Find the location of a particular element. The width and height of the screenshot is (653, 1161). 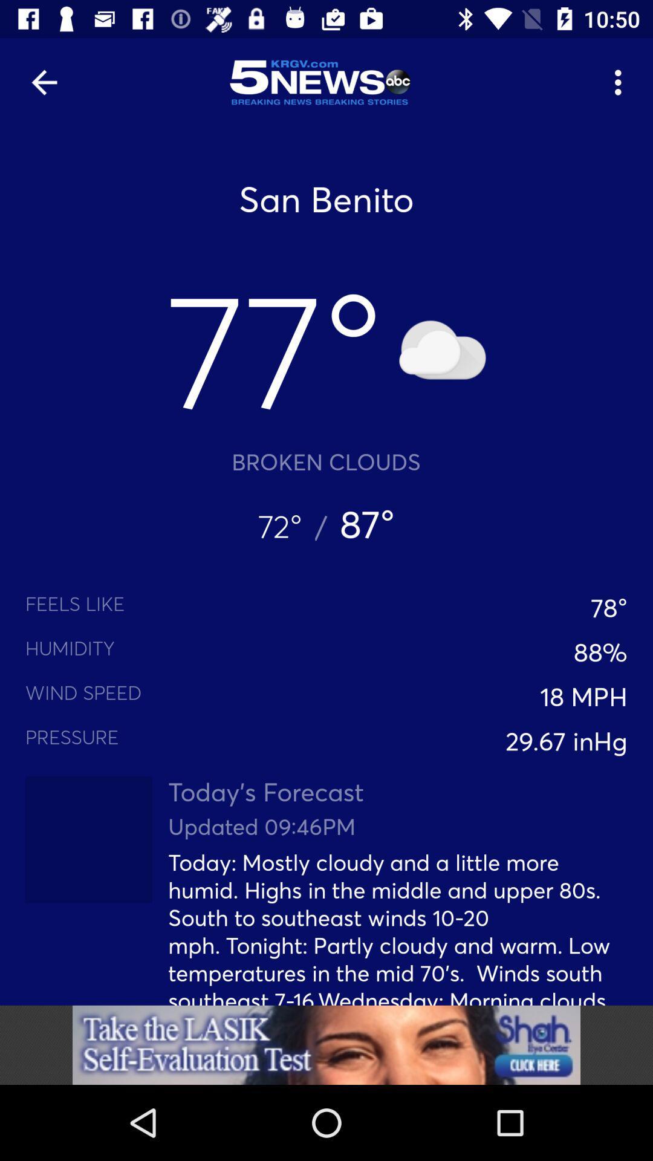

open advertisement is located at coordinates (326, 1044).